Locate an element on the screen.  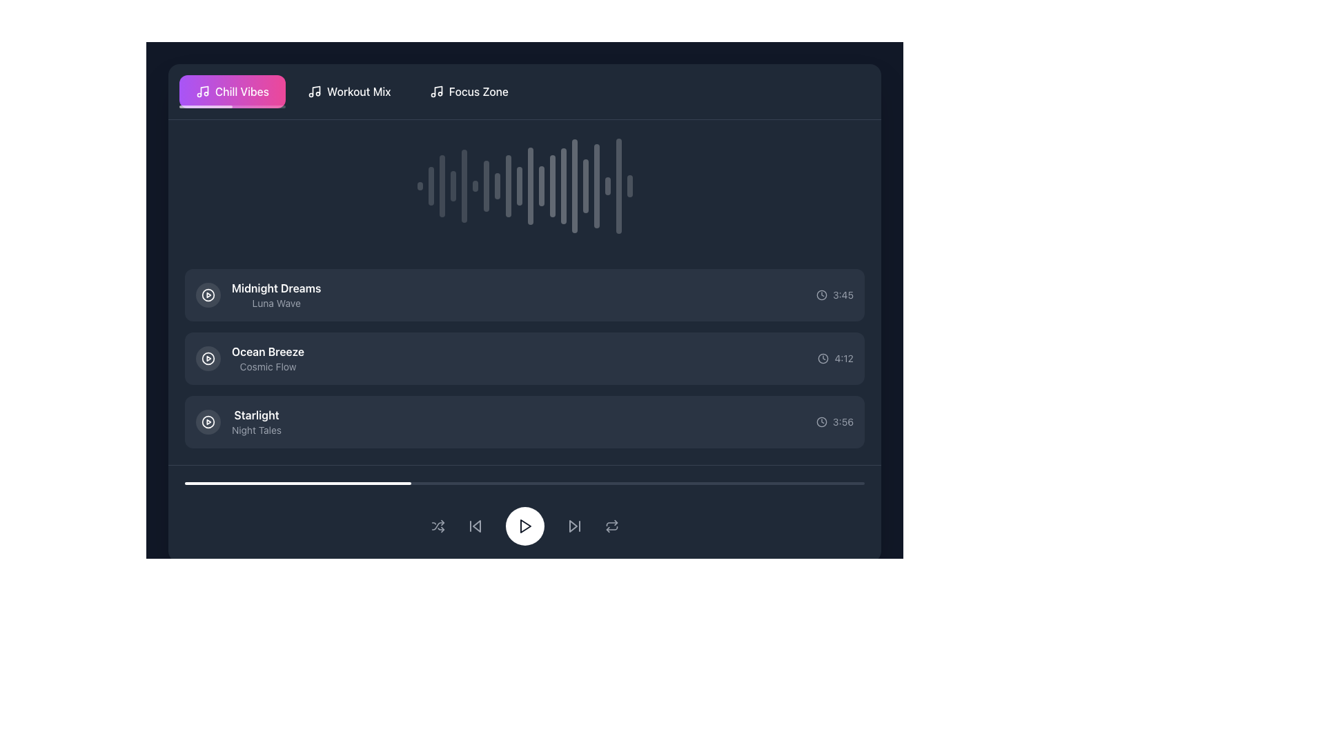
the progress bar indicating the selected state of the 'Chill Vibes' button, which is positioned at the bottom of the button and spans its full width is located at coordinates (232, 106).